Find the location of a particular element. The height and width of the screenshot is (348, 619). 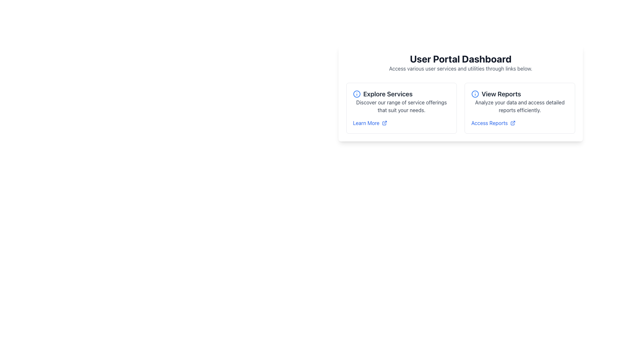

the text block displaying 'Analyze your data and access detailed reports efficiently.' located below the 'View Reports' title and above the 'Access Reports' link is located at coordinates (520, 106).